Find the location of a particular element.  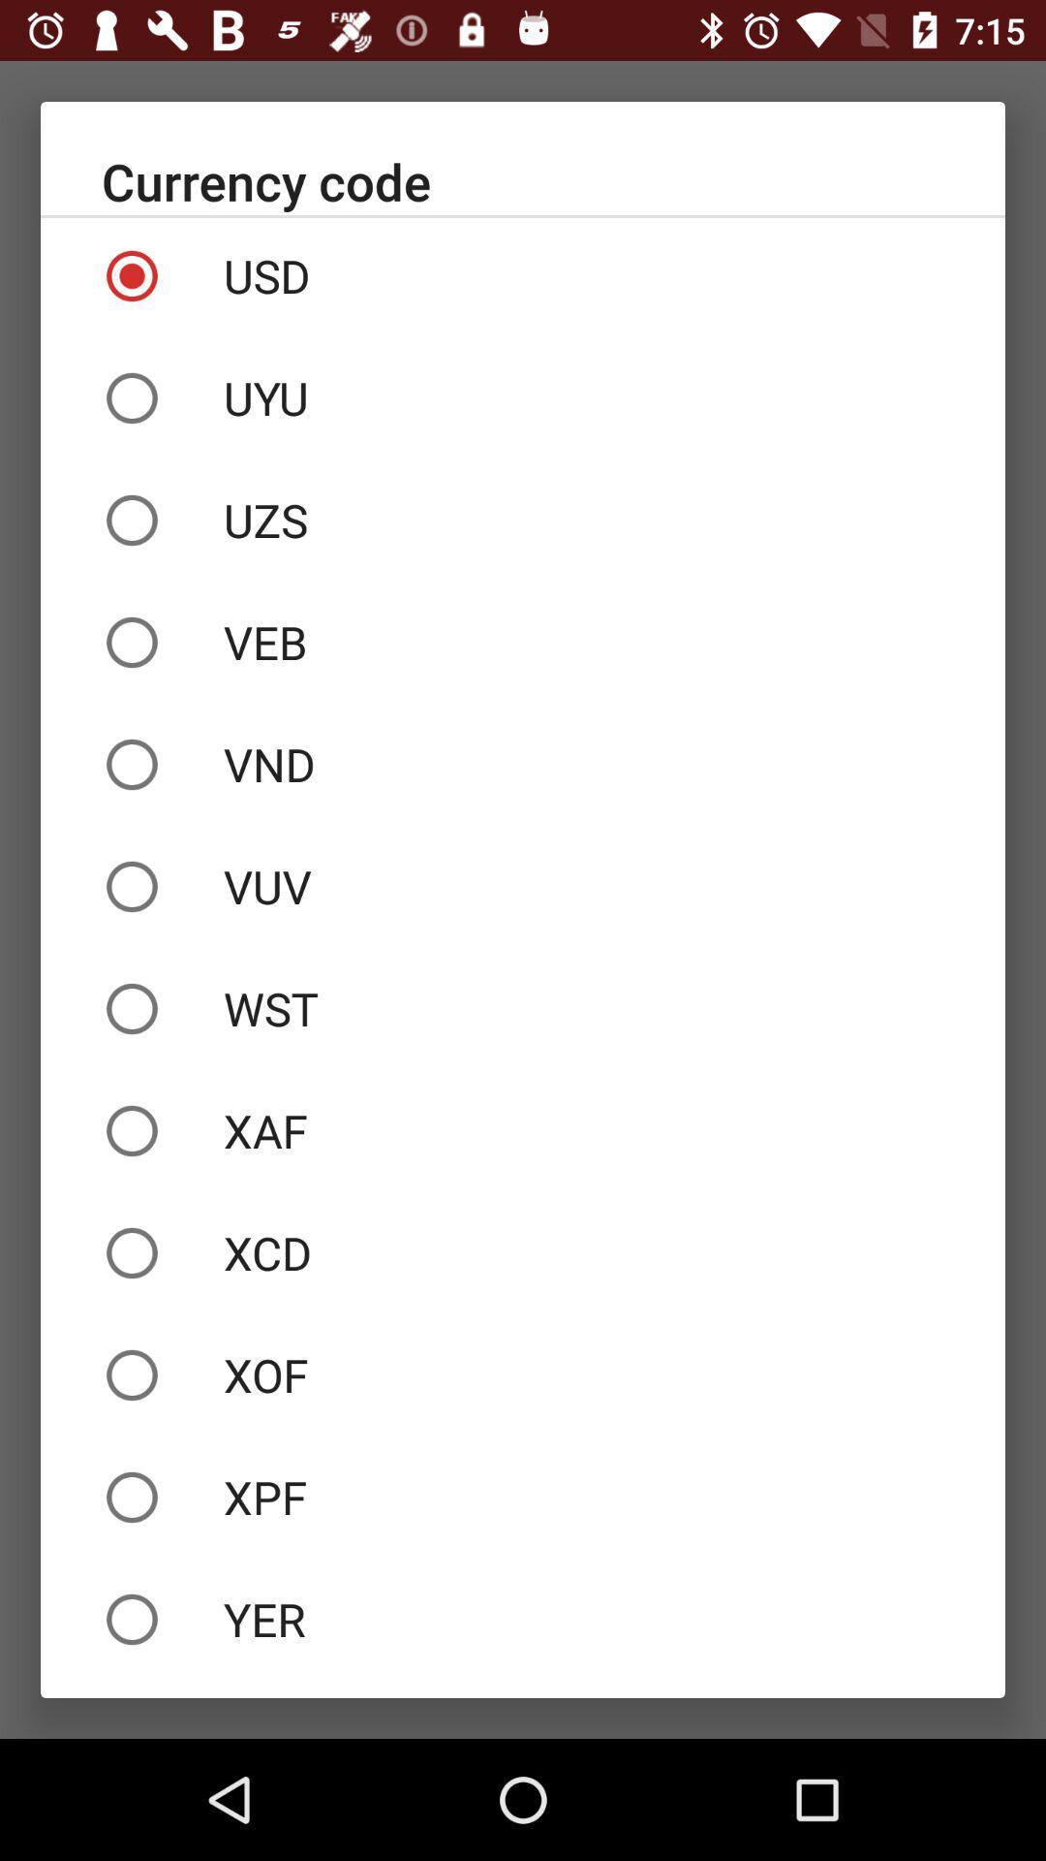

usd icon is located at coordinates (523, 274).